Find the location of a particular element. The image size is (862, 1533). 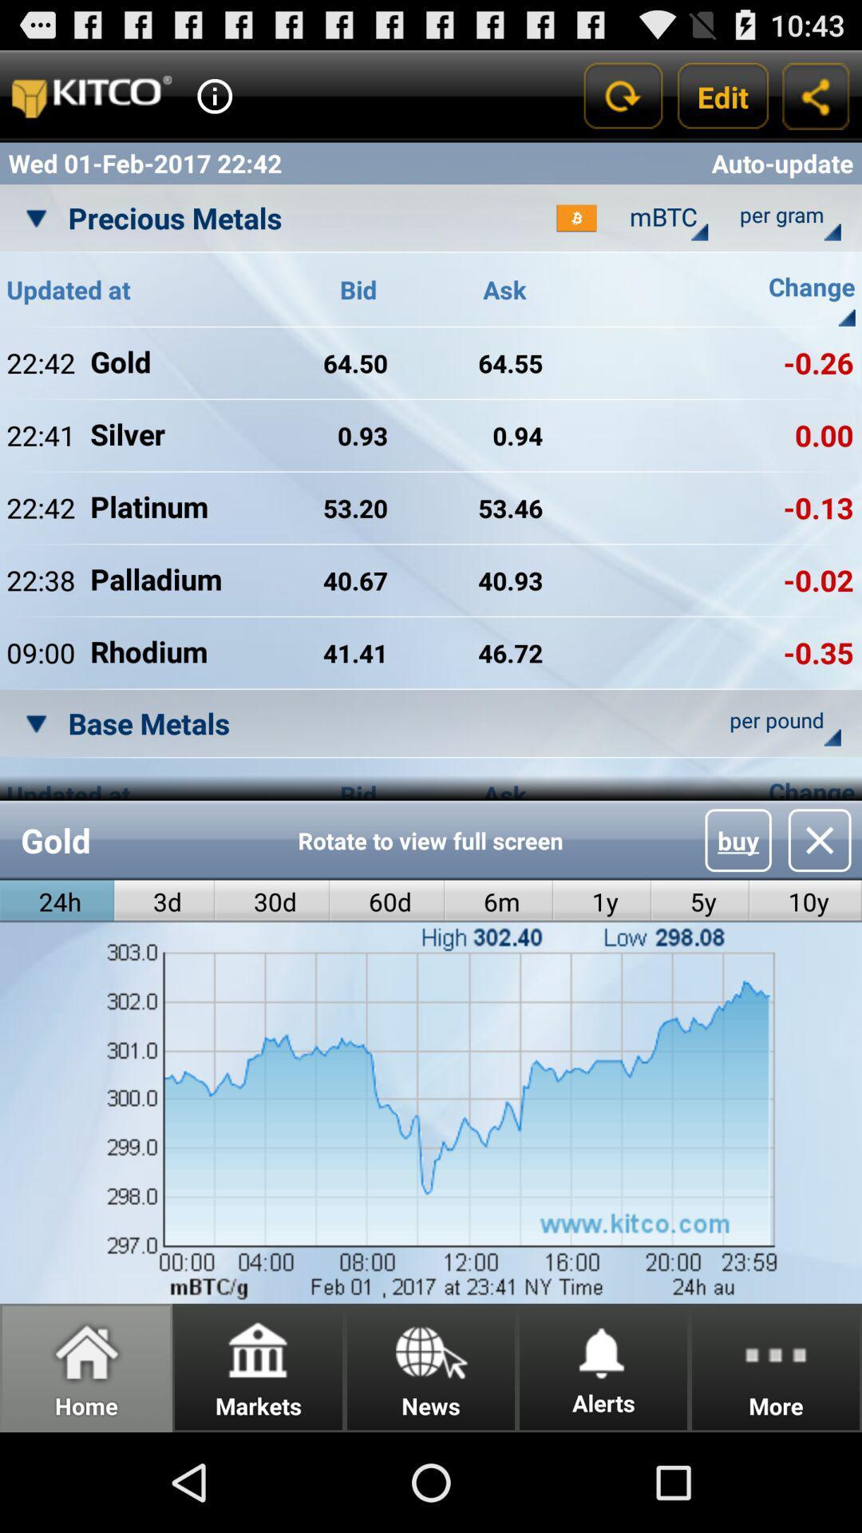

radio button next to 24h is located at coordinates (164, 901).